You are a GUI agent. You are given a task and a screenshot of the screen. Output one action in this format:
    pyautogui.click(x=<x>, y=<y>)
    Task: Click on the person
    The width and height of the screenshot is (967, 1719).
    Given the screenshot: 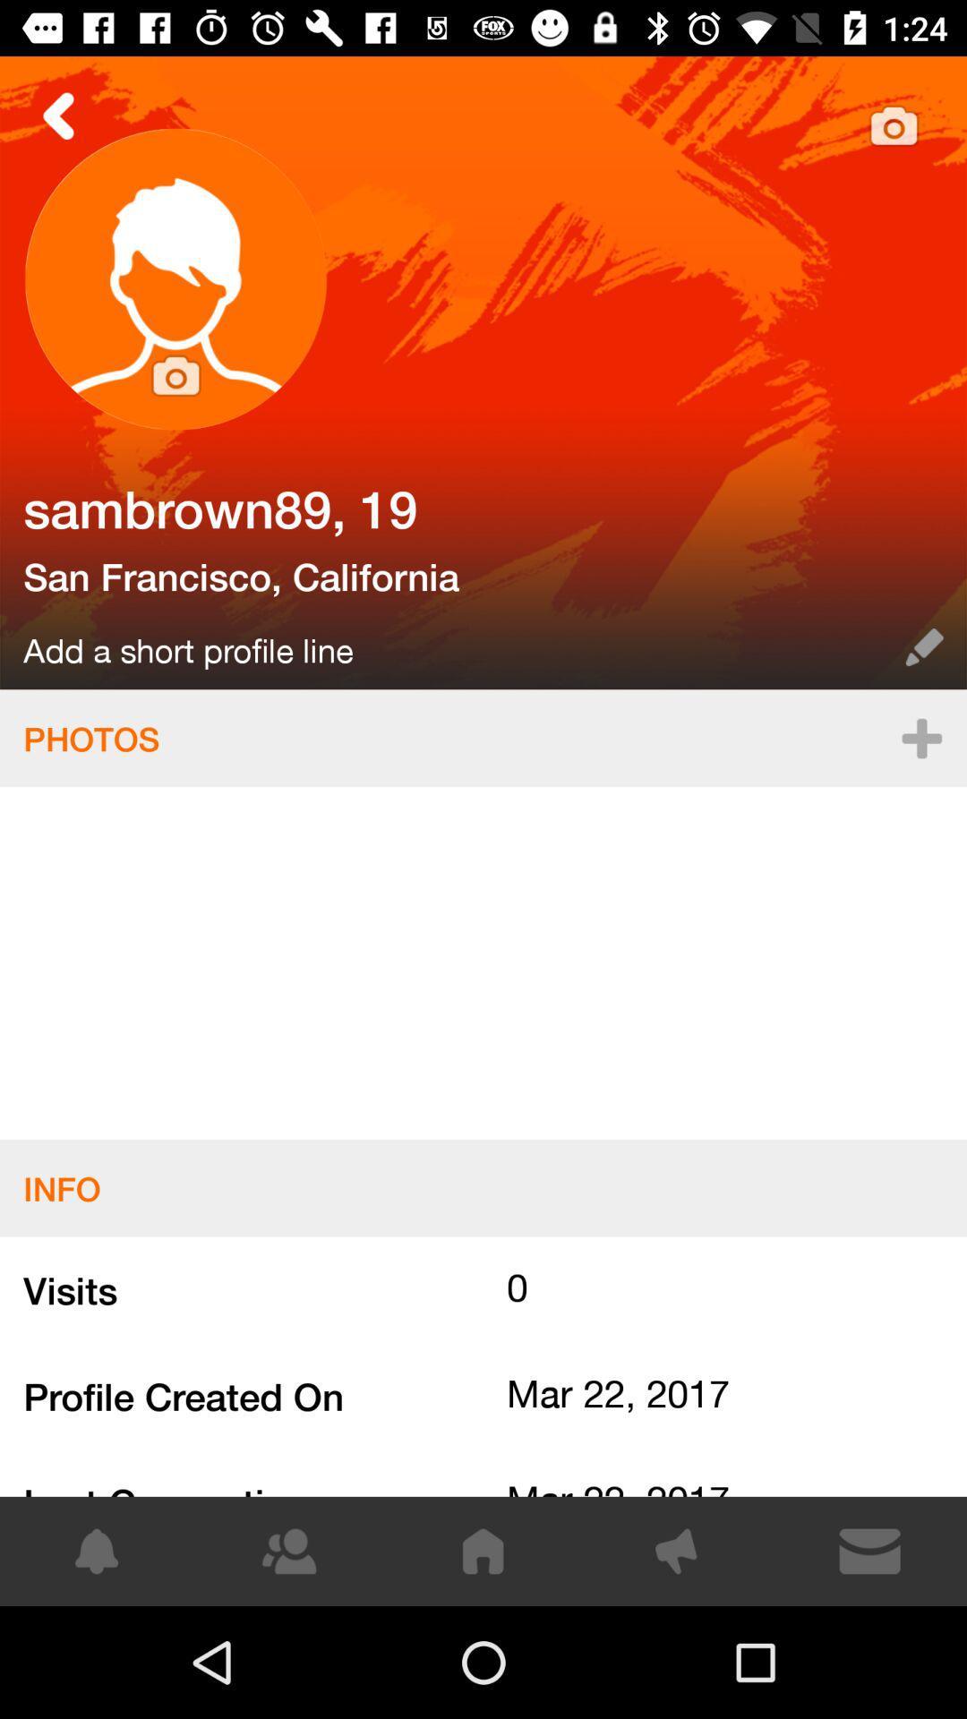 What is the action you would take?
    pyautogui.click(x=483, y=372)
    